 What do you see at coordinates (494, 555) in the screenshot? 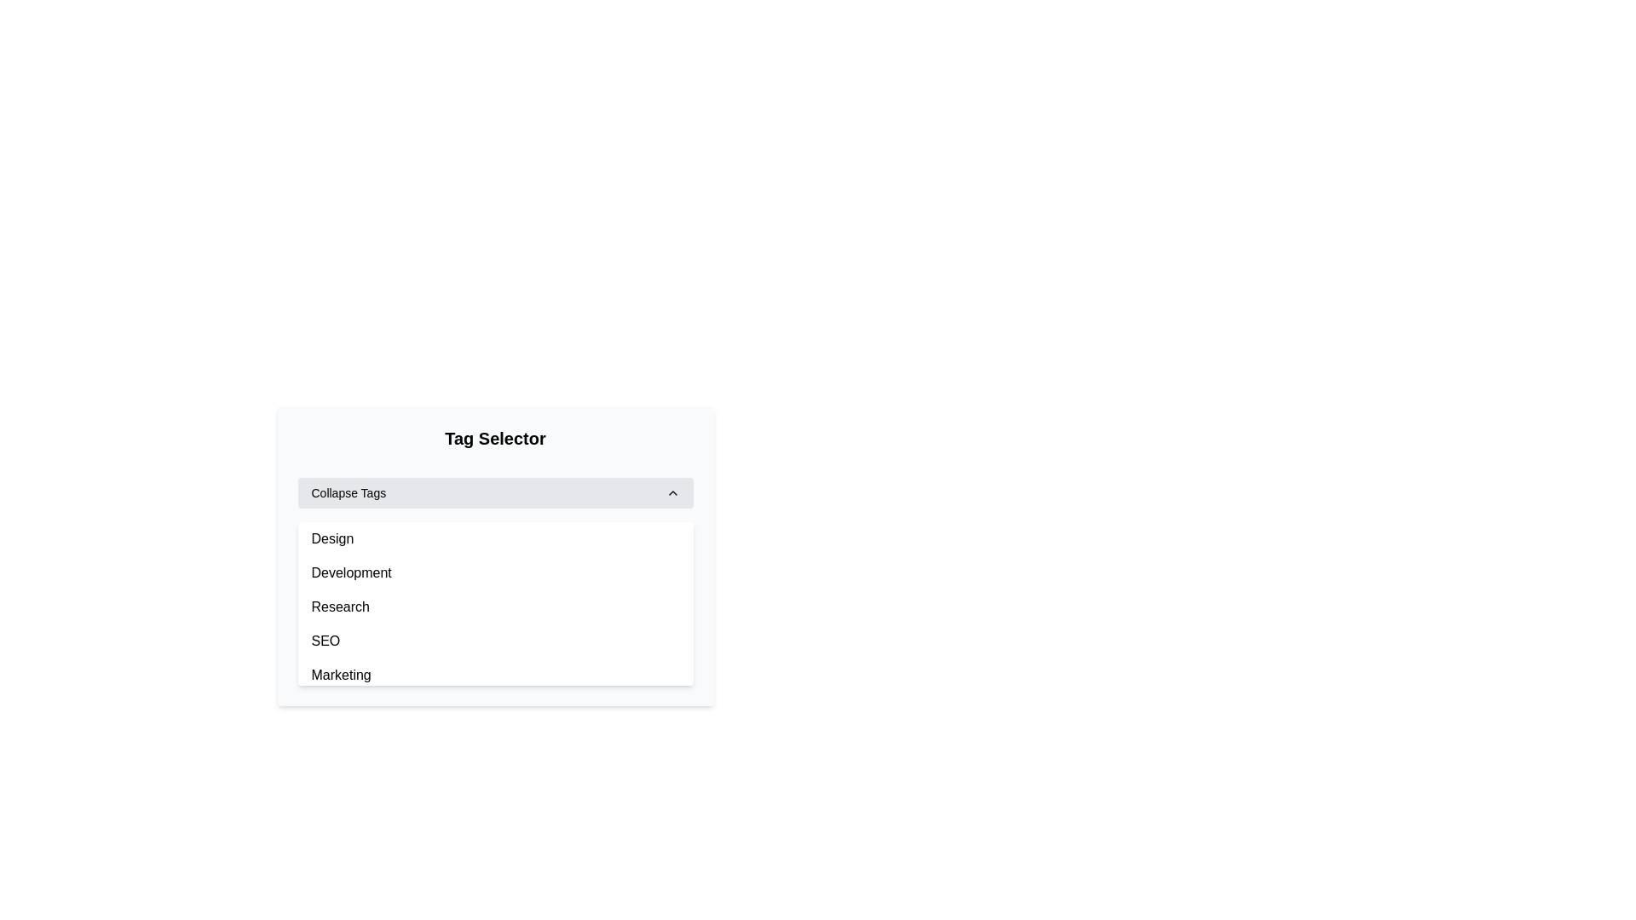
I see `the tag within the scrollable list element, which is centrally` at bounding box center [494, 555].